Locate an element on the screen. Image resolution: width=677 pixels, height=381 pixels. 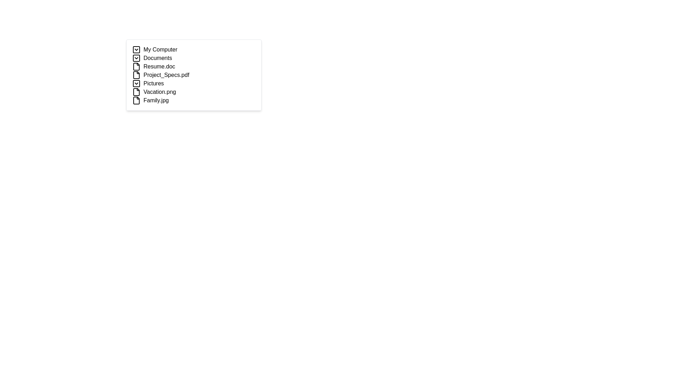
the 'Pictures' label, which is the fifth item under 'My Computer' is located at coordinates (153, 83).